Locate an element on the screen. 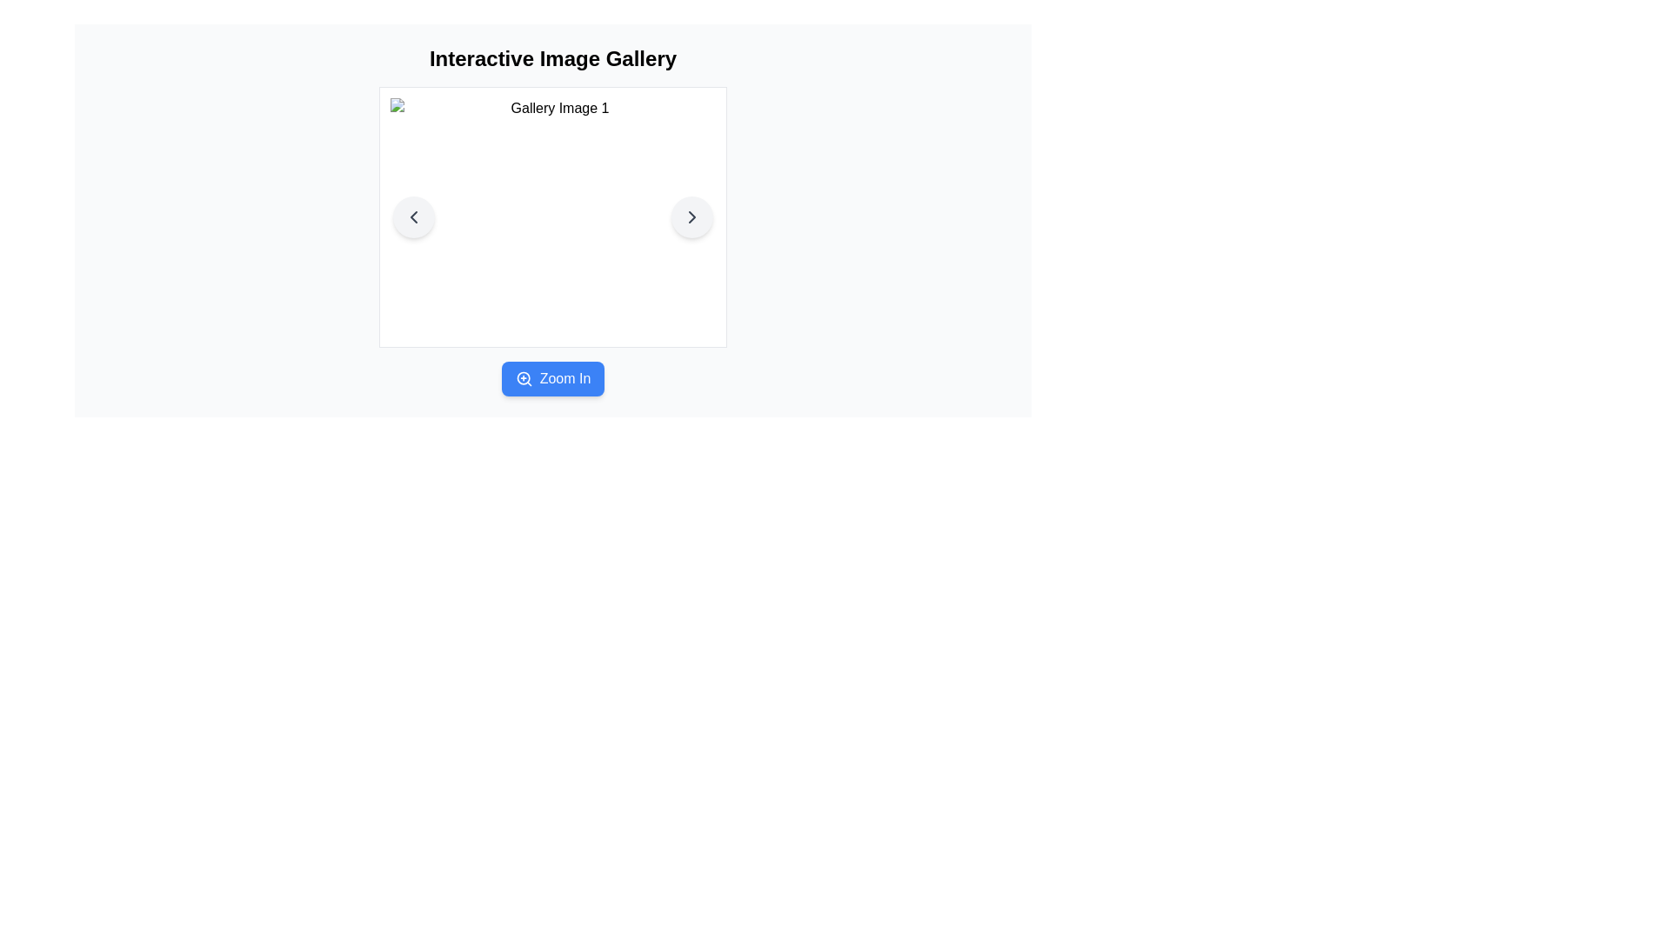 The height and width of the screenshot is (939, 1670). the circular icon with a magnifying glass and plus sign, which is located inside the blue rectangular button labeled 'Zoom In' at the bottom center of the interface is located at coordinates (523, 377).